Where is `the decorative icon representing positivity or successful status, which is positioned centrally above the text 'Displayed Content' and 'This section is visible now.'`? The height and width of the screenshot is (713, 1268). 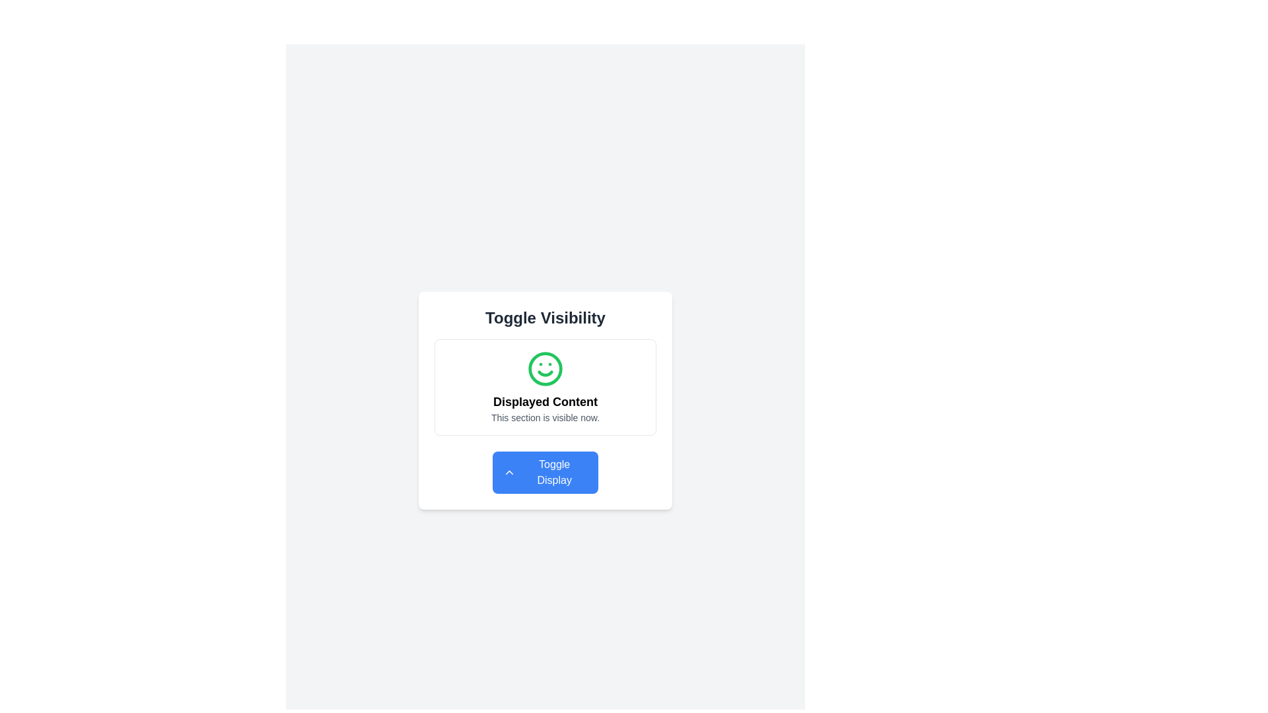 the decorative icon representing positivity or successful status, which is positioned centrally above the text 'Displayed Content' and 'This section is visible now.' is located at coordinates (545, 369).